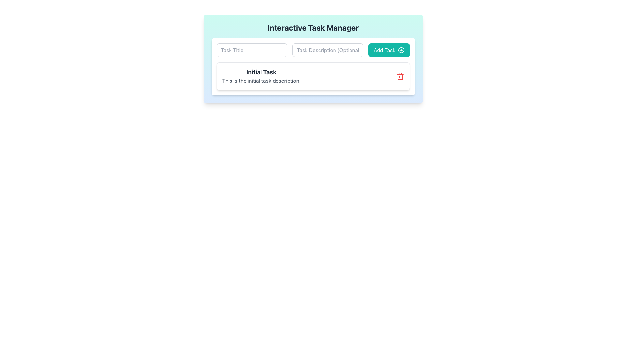 The height and width of the screenshot is (352, 626). Describe the element at coordinates (313, 27) in the screenshot. I see `text from the header displaying 'Interactive Task Manager', which is a bolded, large font in dark gray on a gradient background` at that location.